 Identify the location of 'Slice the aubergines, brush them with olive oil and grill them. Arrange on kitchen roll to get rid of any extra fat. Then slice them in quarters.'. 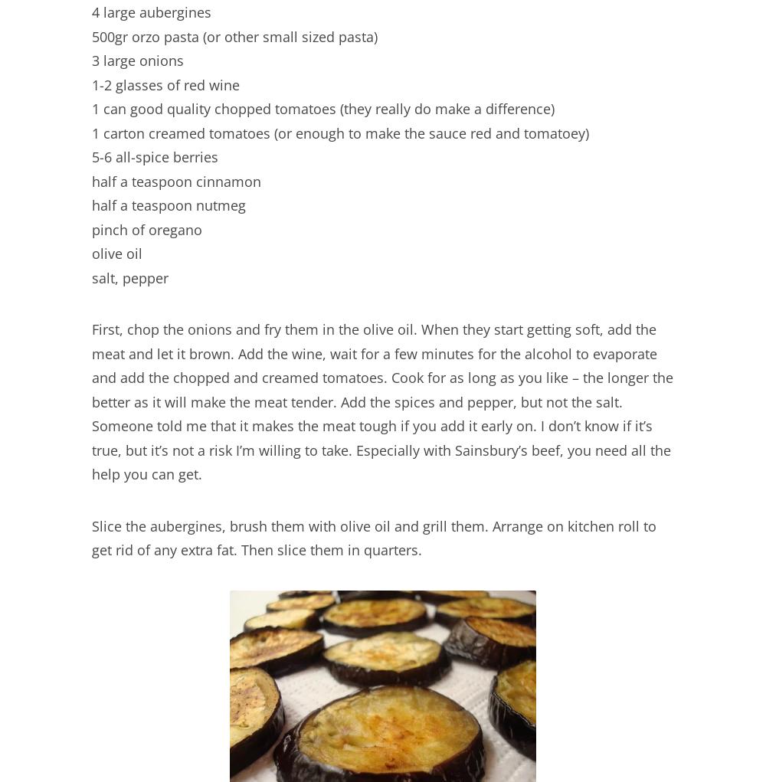
(373, 538).